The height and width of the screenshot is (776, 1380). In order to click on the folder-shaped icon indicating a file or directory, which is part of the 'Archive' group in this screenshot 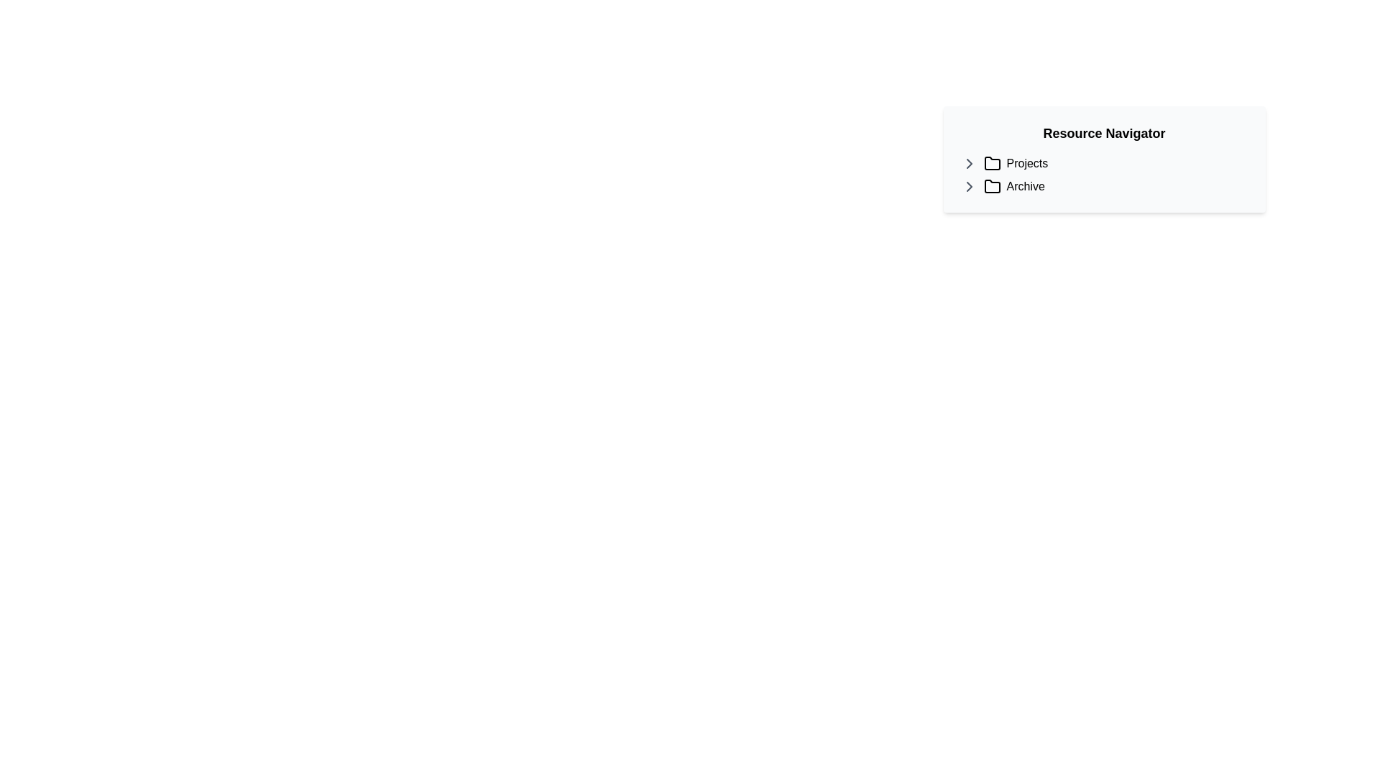, I will do `click(991, 185)`.